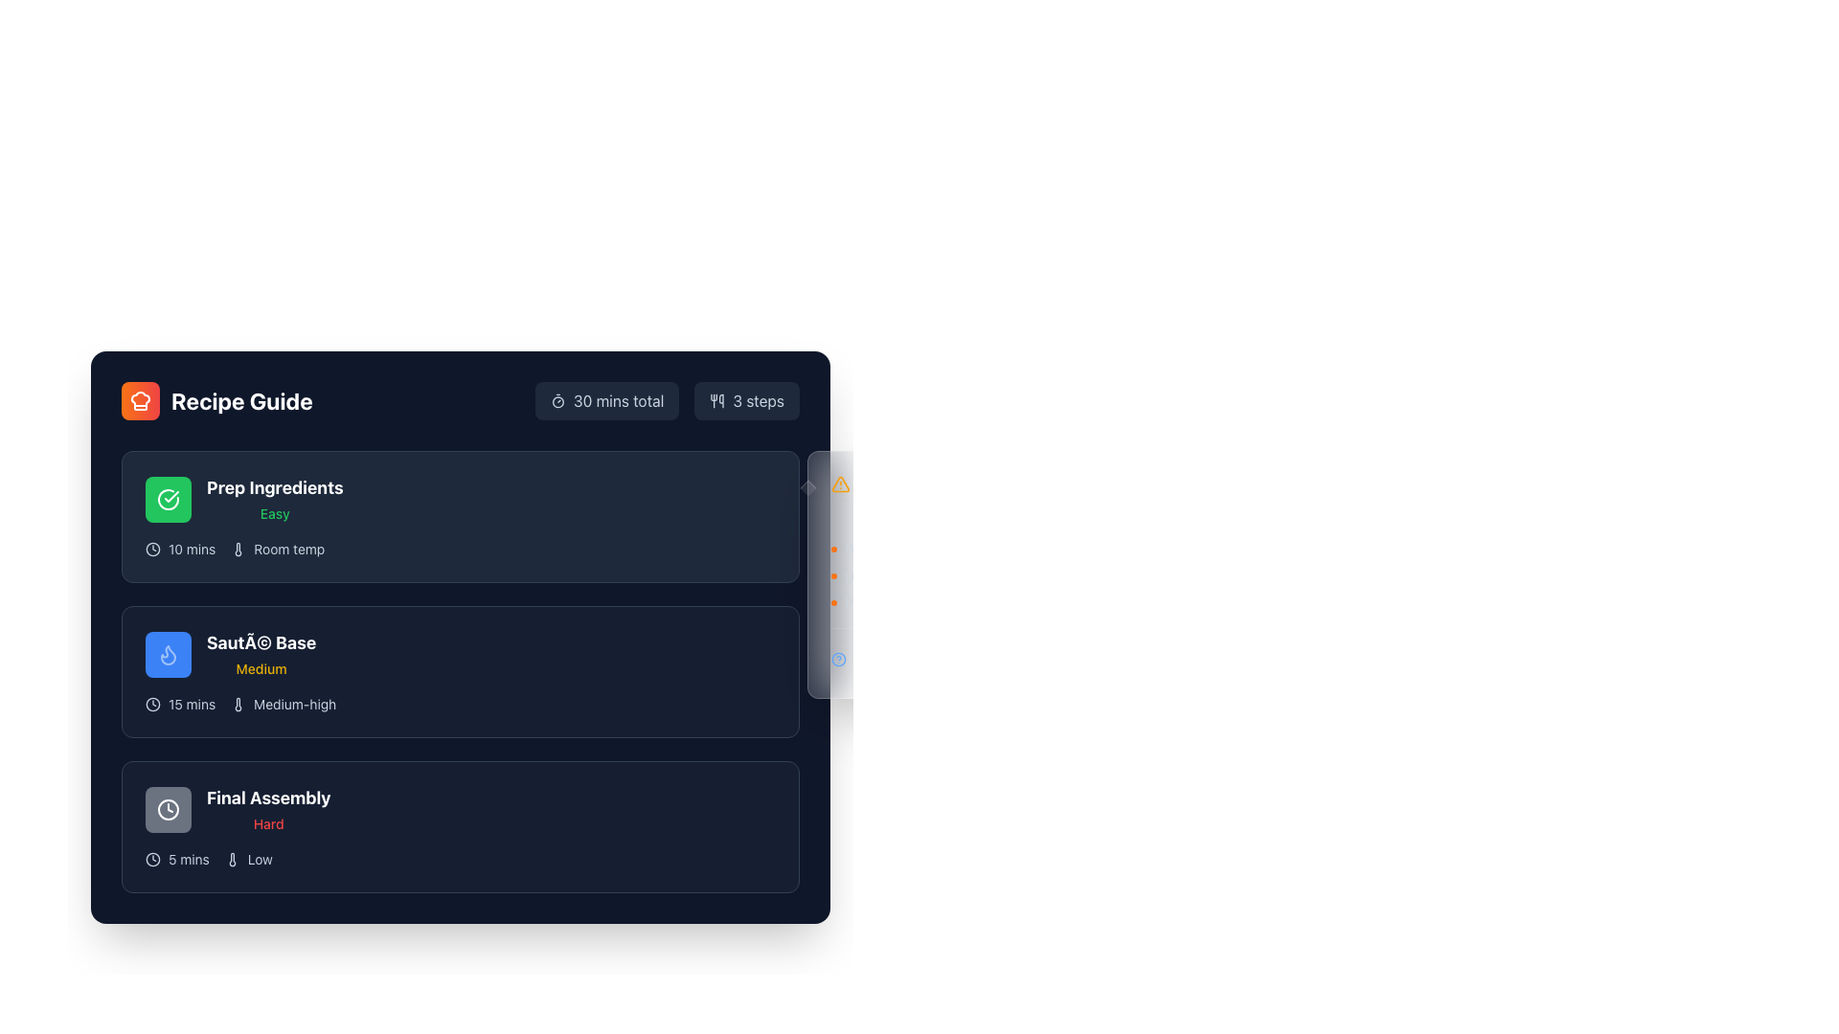 The width and height of the screenshot is (1839, 1034). What do you see at coordinates (606, 400) in the screenshot?
I see `the Label that informs the user about the total time required for the recipe, located to the left of the '3 steps' element` at bounding box center [606, 400].